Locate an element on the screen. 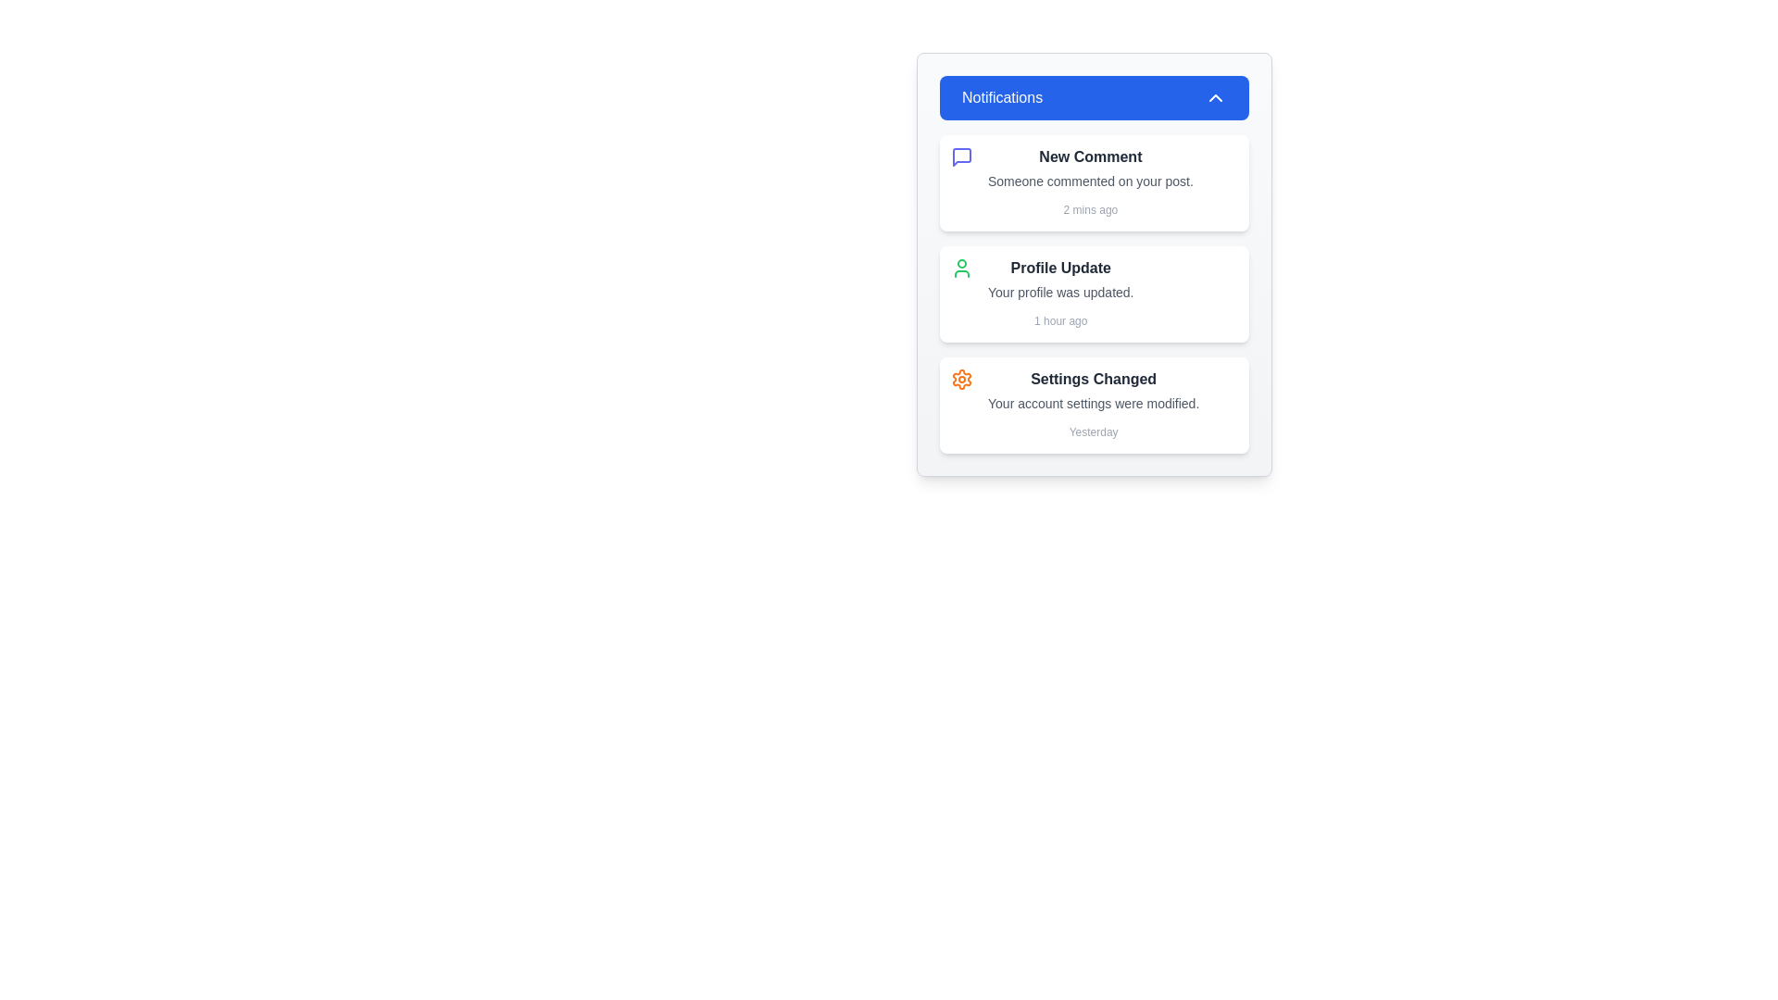  text of the third notification item in the notifications dropdown, which informs the user about a recent change to their account settings is located at coordinates (1094, 405).